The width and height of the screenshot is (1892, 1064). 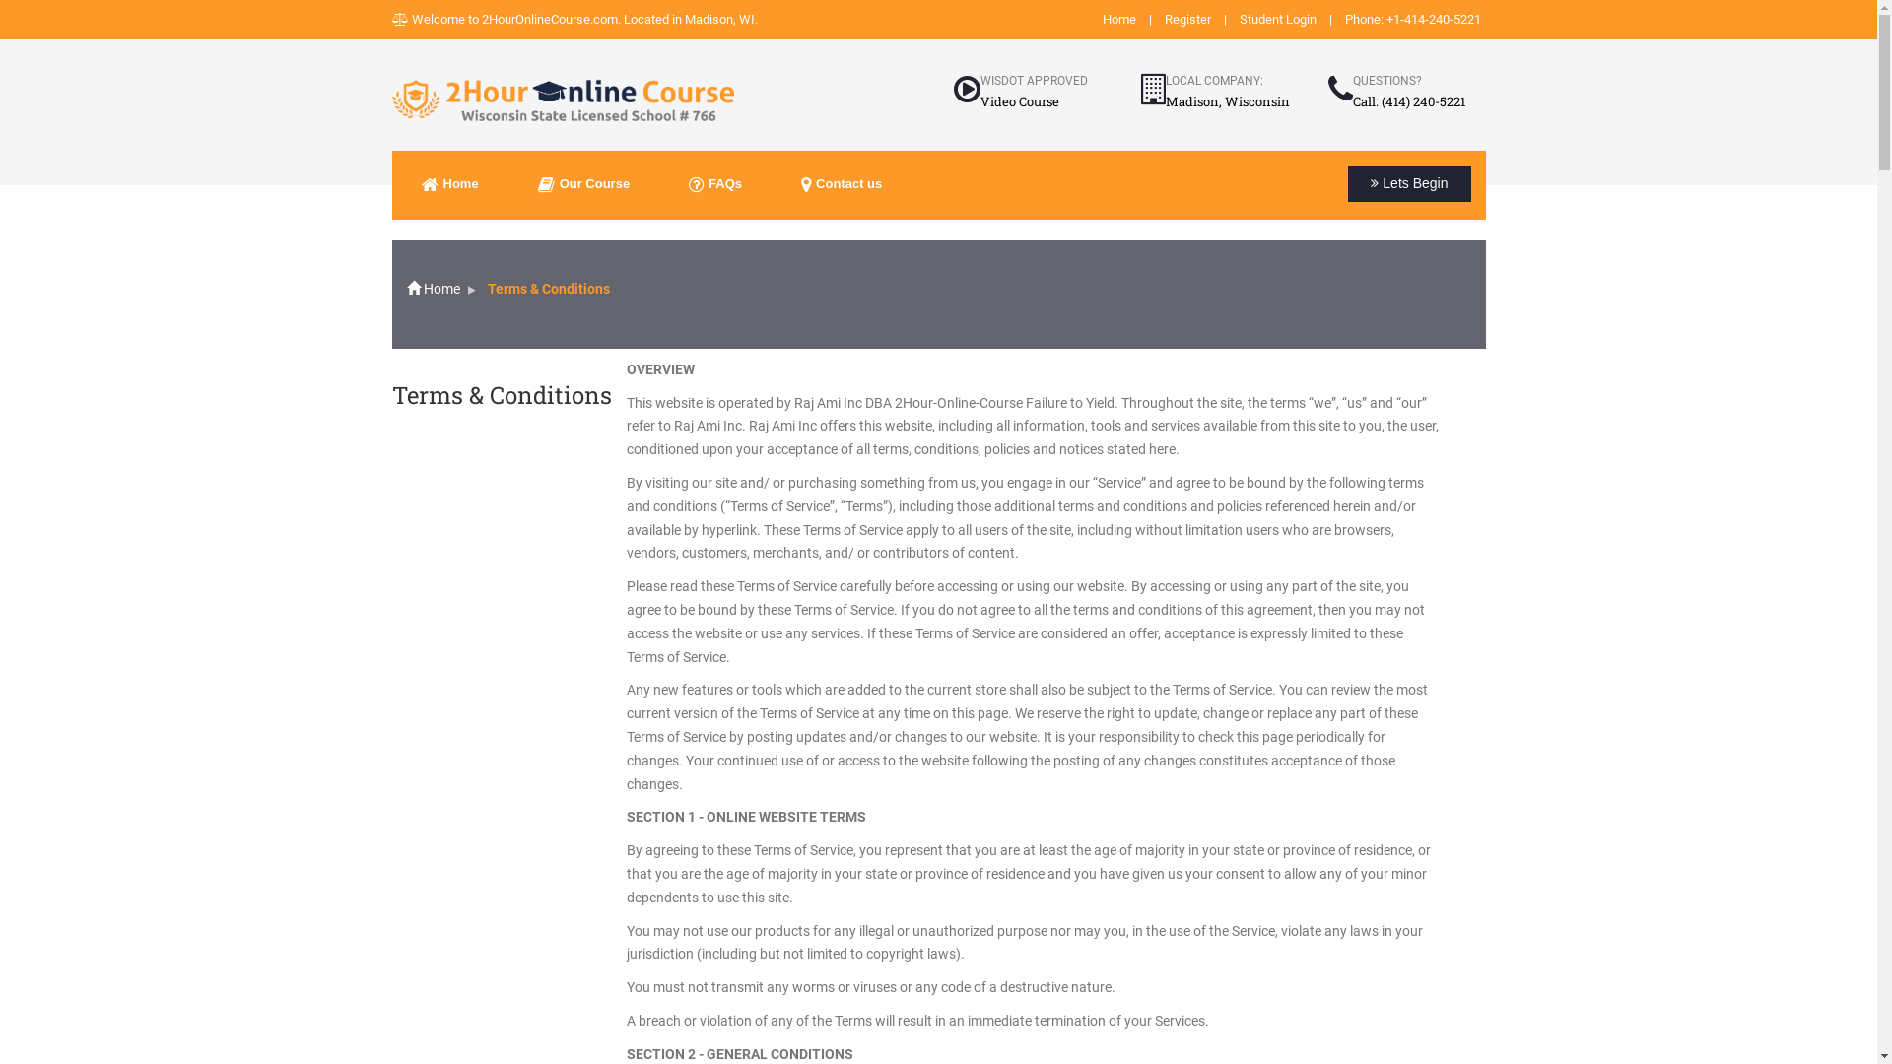 I want to click on 'LOCAL COMPANY:', so click(x=1212, y=79).